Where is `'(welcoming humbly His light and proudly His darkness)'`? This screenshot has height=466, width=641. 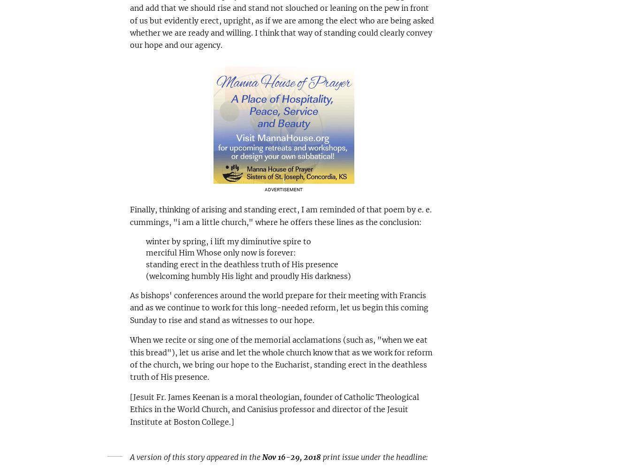 '(welcoming humbly His light and proudly His darkness)' is located at coordinates (249, 275).